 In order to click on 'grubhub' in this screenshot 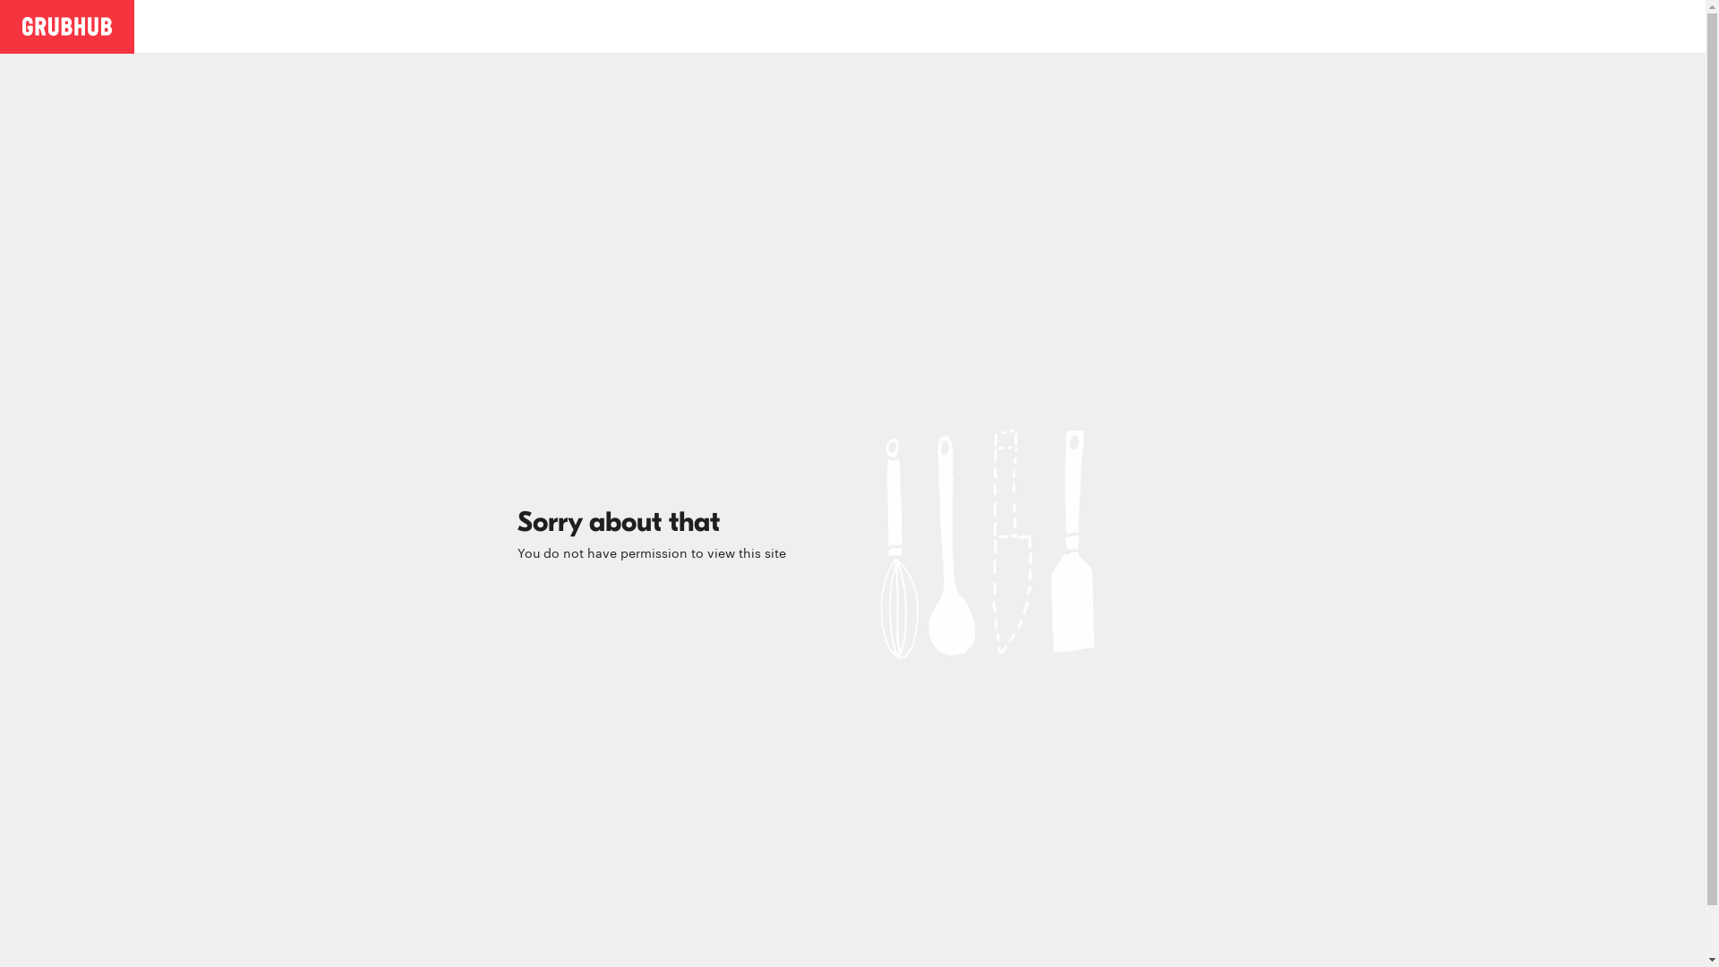, I will do `click(67, 25)`.